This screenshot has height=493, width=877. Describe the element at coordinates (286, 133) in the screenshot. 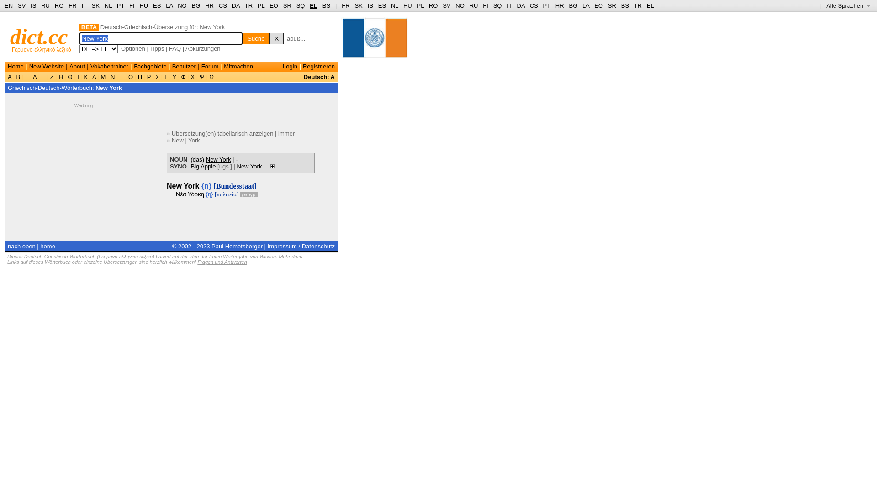

I see `'immer'` at that location.